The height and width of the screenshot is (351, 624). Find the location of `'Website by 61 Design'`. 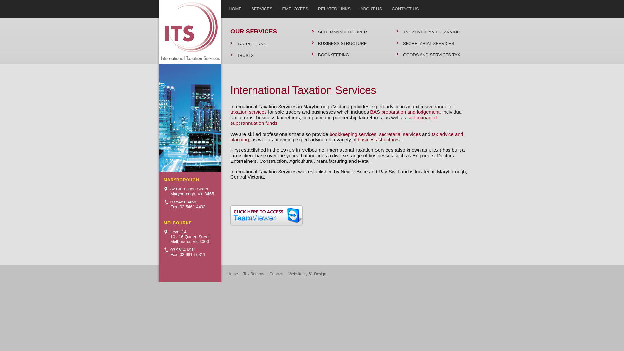

'Website by 61 Design' is located at coordinates (307, 274).